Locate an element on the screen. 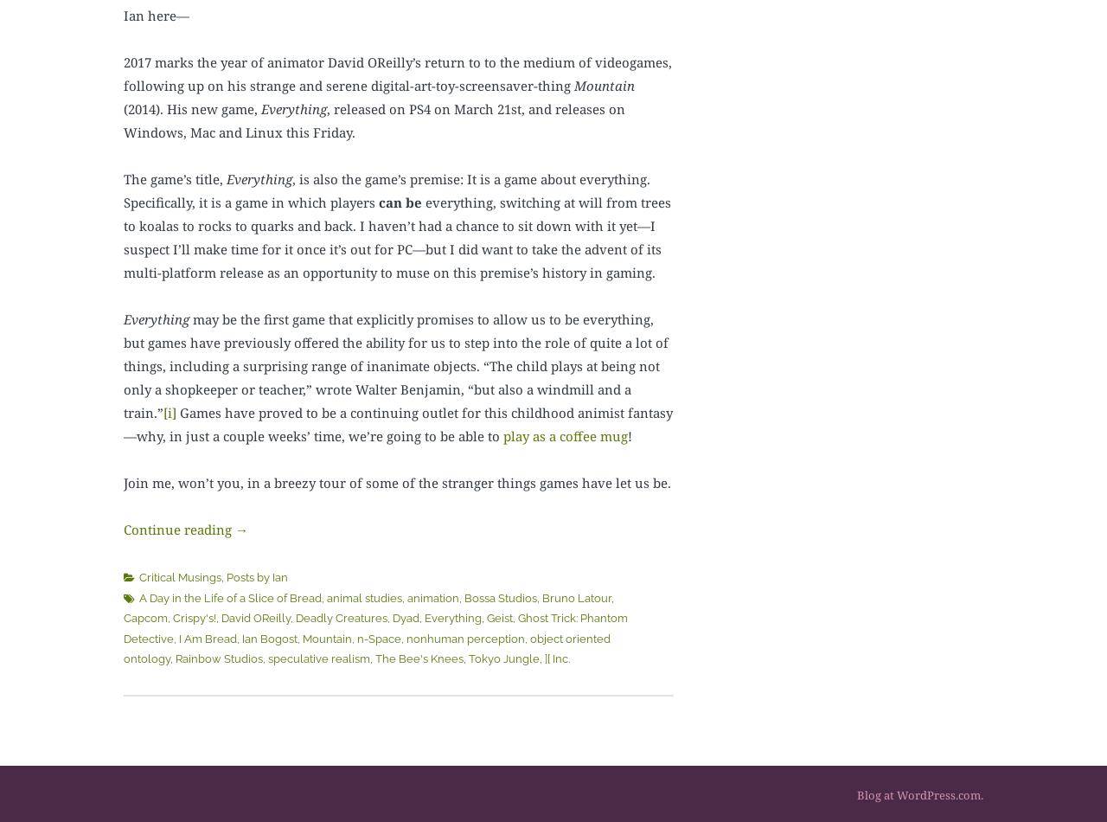 The image size is (1107, 822). 'animation' is located at coordinates (432, 597).